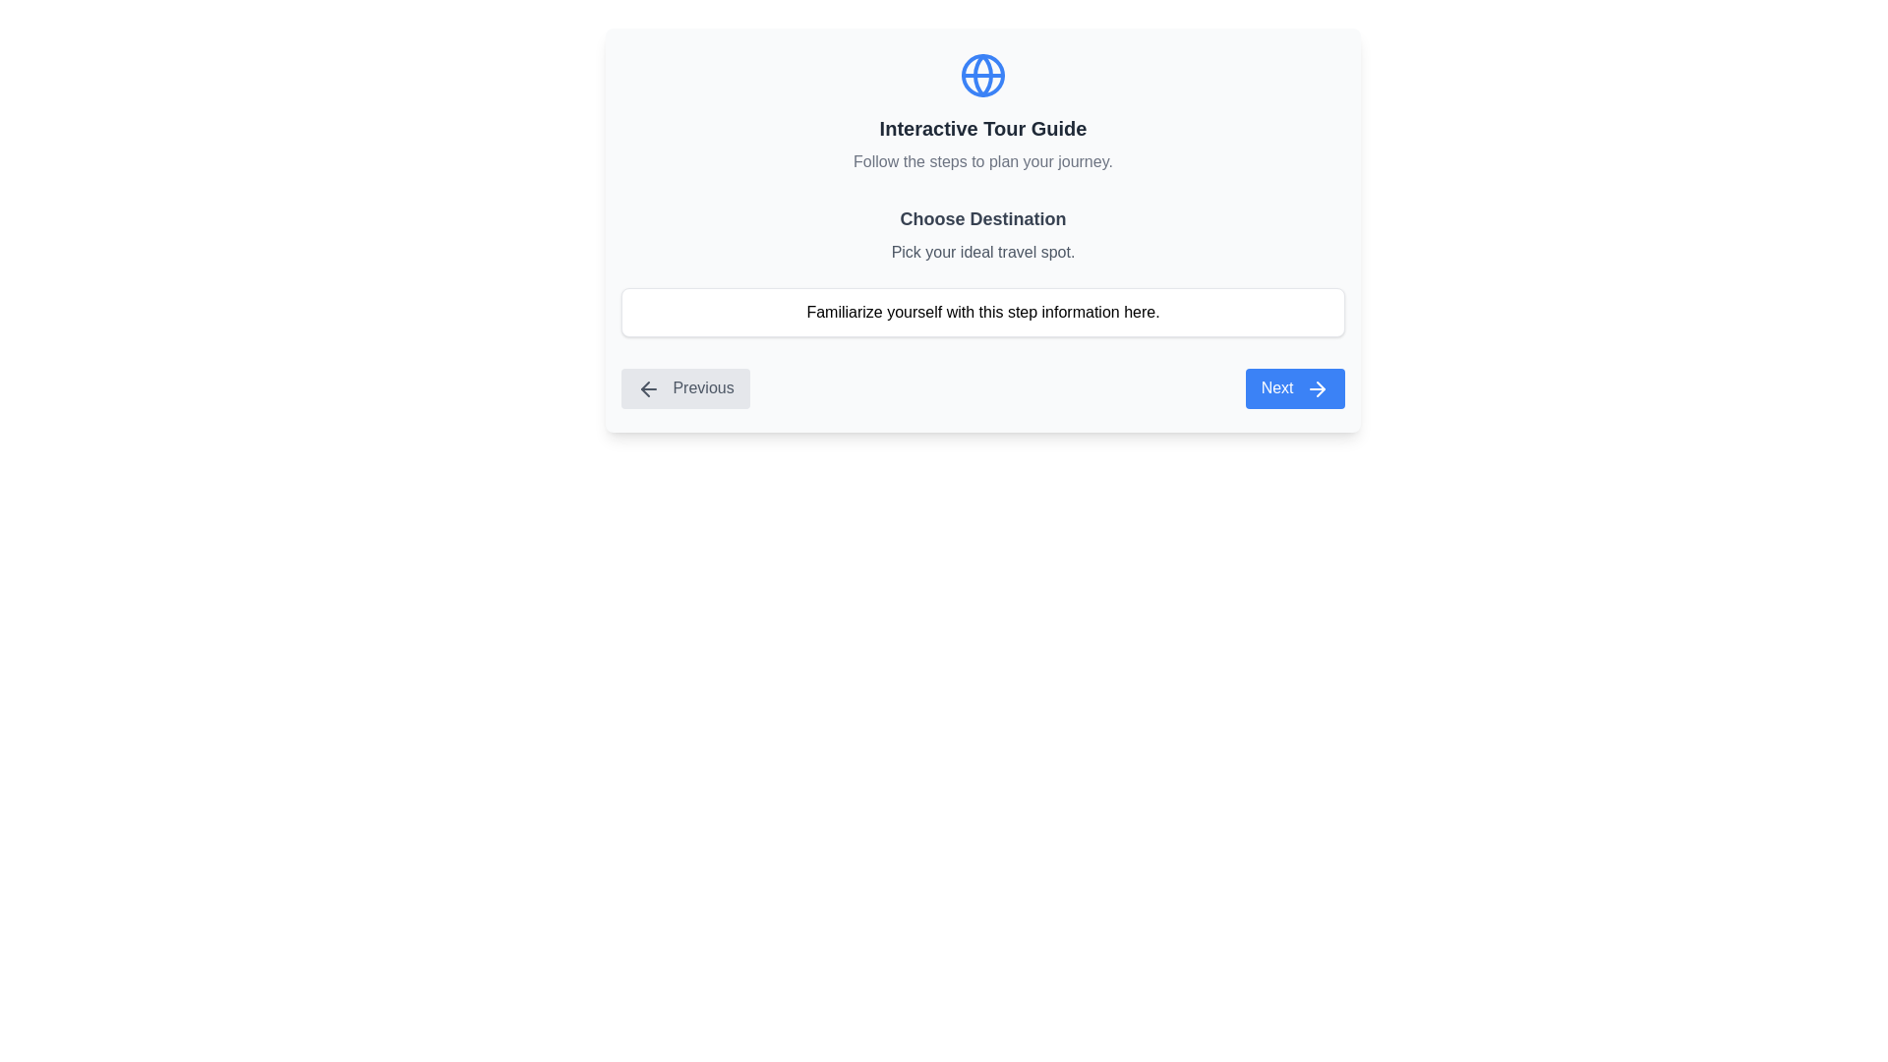 The height and width of the screenshot is (1062, 1888). What do you see at coordinates (982, 75) in the screenshot?
I see `the blue circular vector graphic that is centrally positioned within the globe icon at the top-center of the interface` at bounding box center [982, 75].